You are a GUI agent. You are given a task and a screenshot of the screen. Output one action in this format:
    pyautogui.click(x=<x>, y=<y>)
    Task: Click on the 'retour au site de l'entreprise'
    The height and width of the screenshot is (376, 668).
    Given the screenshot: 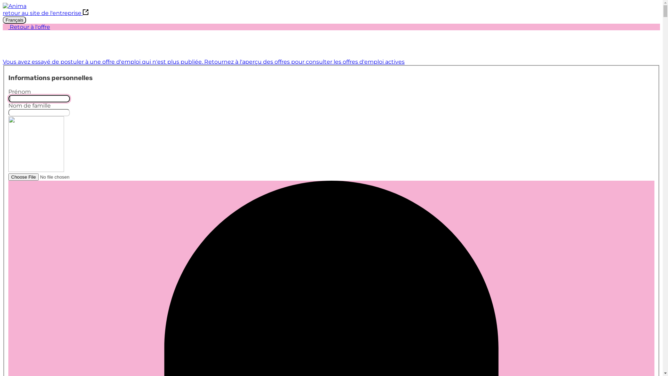 What is the action you would take?
    pyautogui.click(x=45, y=13)
    